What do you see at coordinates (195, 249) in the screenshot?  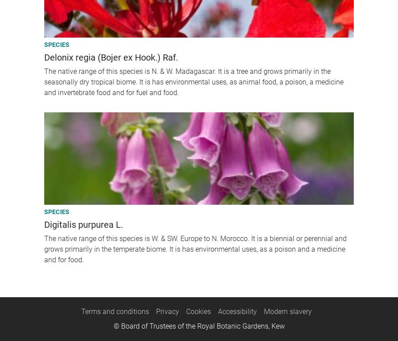 I see `'The native range of this species is W. & SW. Europe to N. Morocco. It is a biennial or perennial and grows primarily in the temperate biome. It is has environmental uses, as a poison and a medicine and for food.'` at bounding box center [195, 249].